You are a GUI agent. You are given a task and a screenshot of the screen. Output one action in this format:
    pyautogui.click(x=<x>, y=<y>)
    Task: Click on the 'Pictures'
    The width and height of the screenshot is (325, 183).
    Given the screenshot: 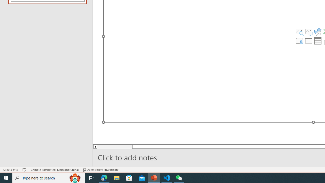 What is the action you would take?
    pyautogui.click(x=308, y=32)
    